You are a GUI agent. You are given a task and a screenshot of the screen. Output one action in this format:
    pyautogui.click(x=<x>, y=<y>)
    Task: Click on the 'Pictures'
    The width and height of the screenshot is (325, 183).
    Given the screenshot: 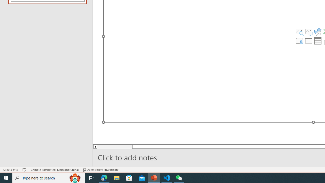 What is the action you would take?
    pyautogui.click(x=308, y=32)
    